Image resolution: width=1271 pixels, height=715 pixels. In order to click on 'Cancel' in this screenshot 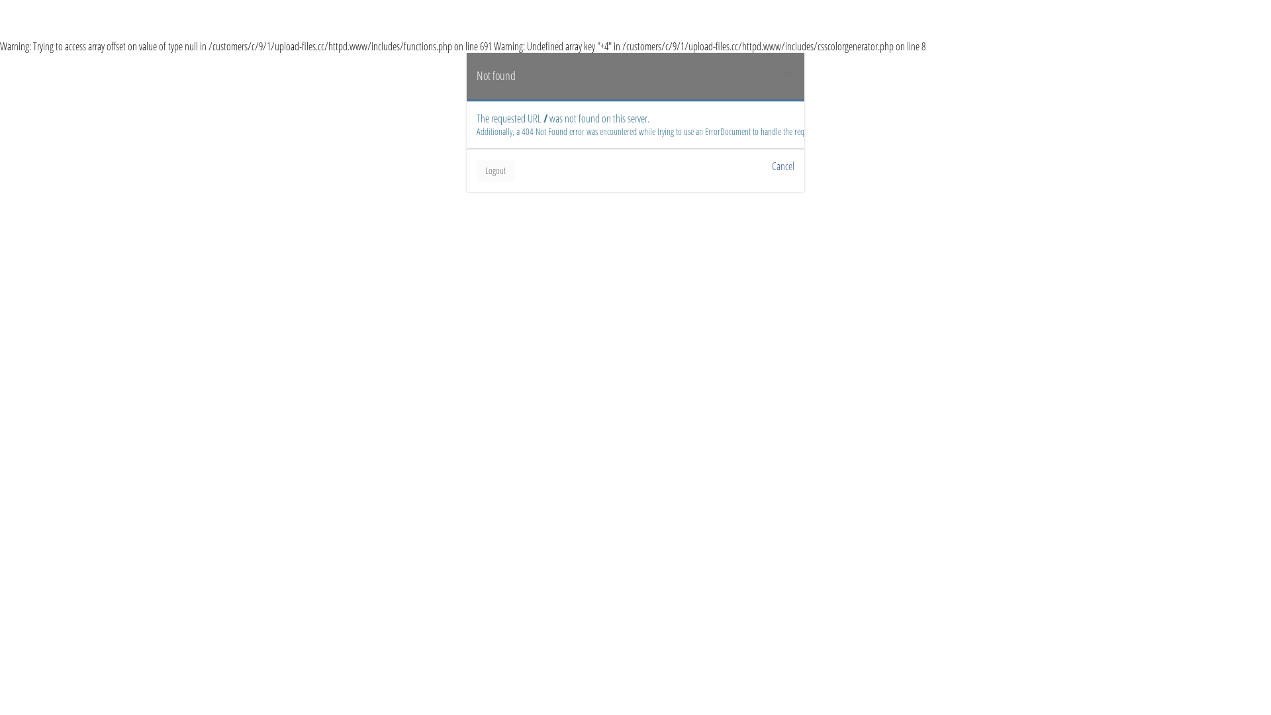, I will do `click(782, 165)`.